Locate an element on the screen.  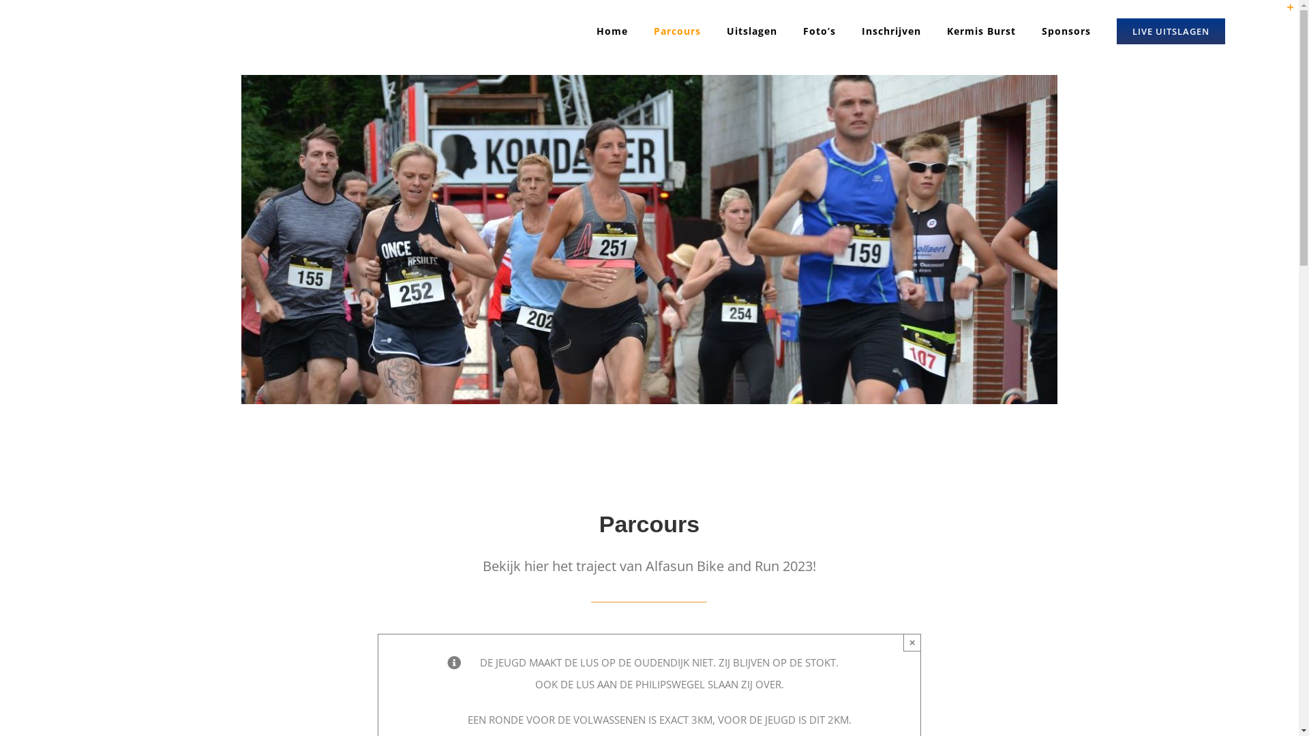
'Parcours' is located at coordinates (677, 31).